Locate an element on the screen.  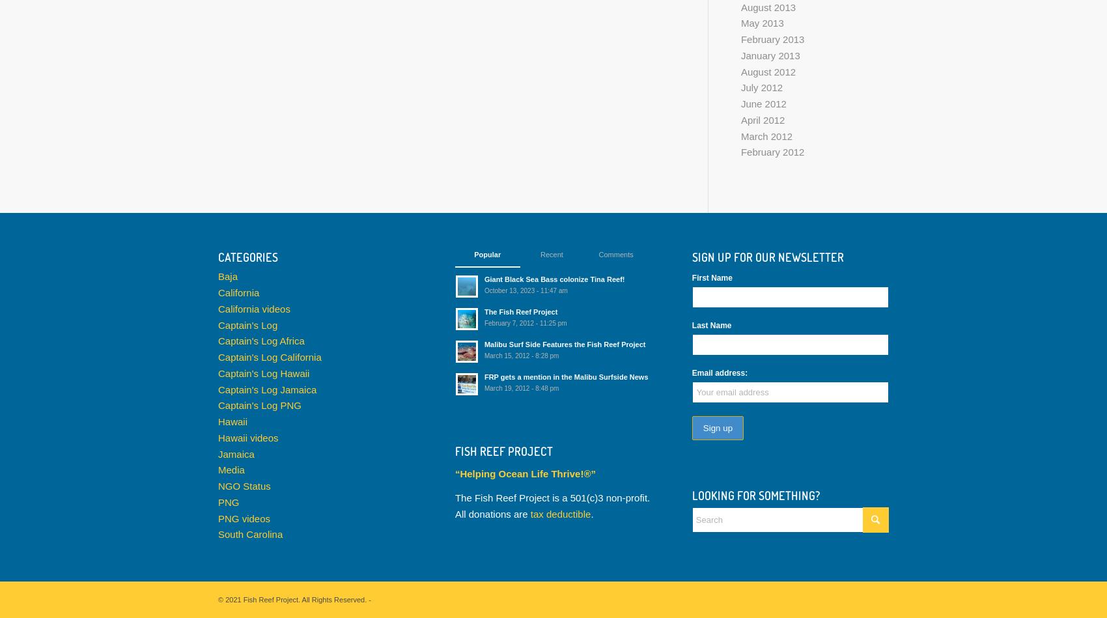
'September 4, 2023 - 7:40 am' is located at coordinates (761, 341).